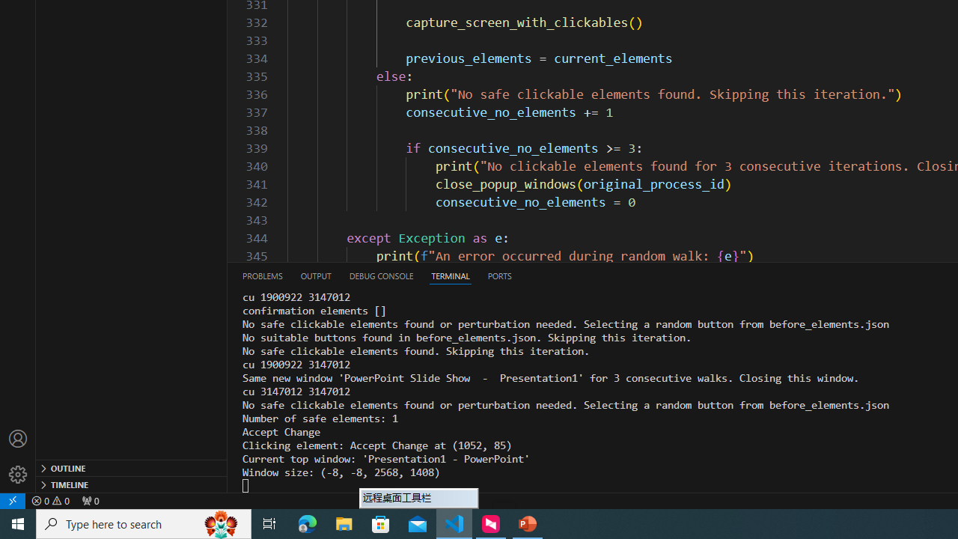  Describe the element at coordinates (13, 500) in the screenshot. I see `'remote'` at that location.